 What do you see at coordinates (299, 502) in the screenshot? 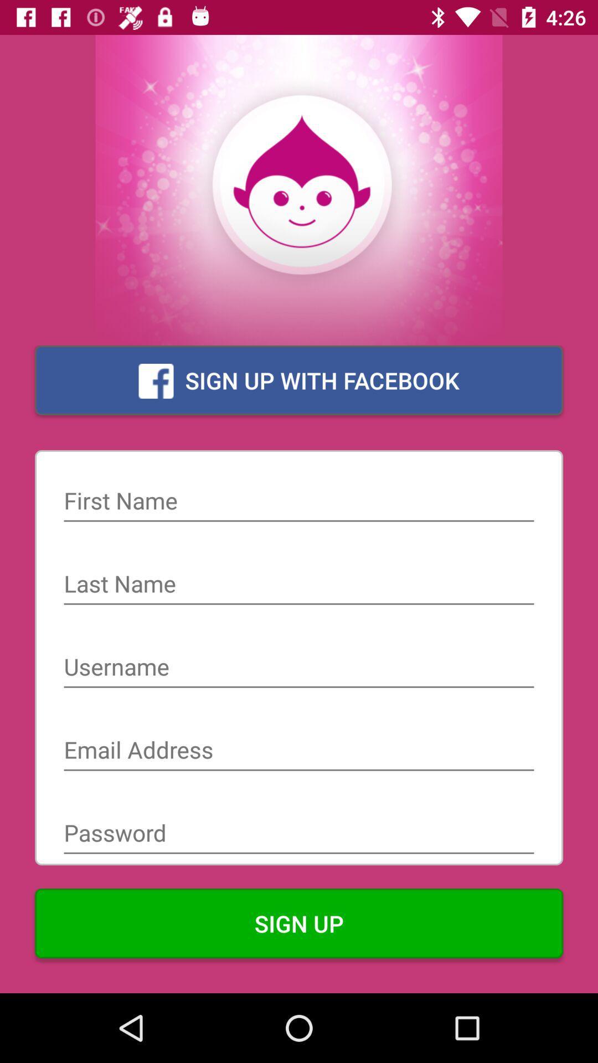
I see `form field for your first name` at bounding box center [299, 502].